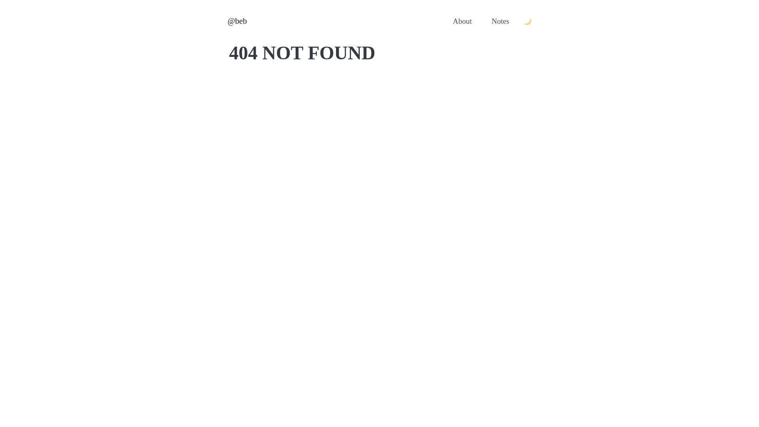  I want to click on 'About', so click(463, 21).